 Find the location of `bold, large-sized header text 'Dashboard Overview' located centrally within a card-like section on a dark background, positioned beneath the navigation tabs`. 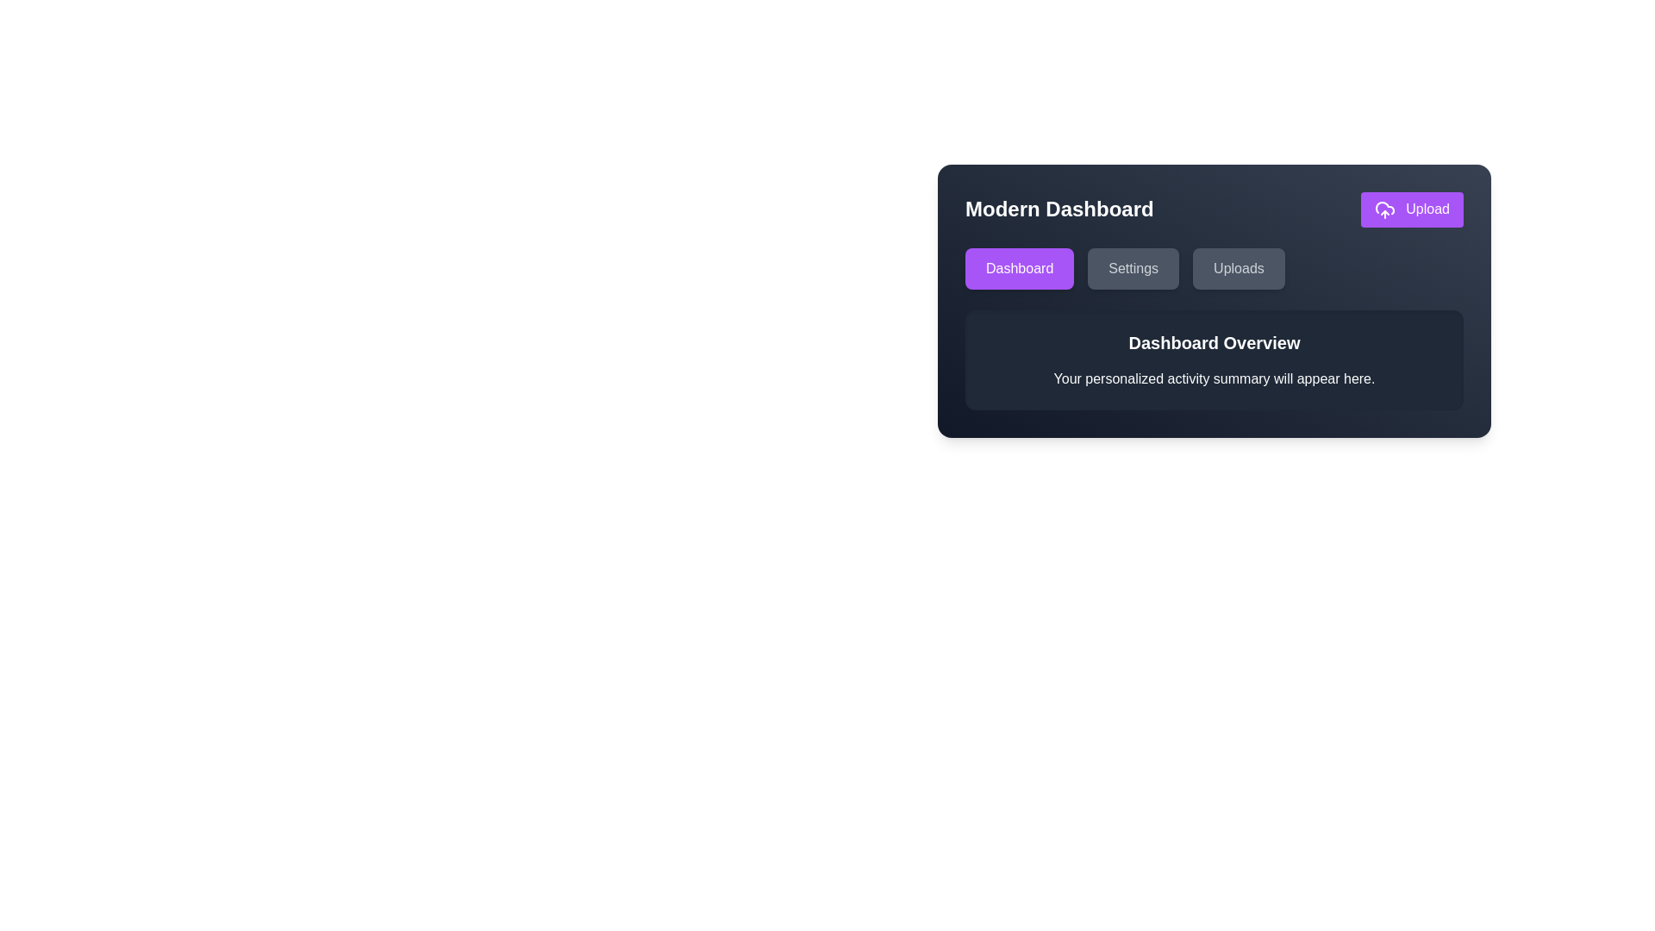

bold, large-sized header text 'Dashboard Overview' located centrally within a card-like section on a dark background, positioned beneath the navigation tabs is located at coordinates (1214, 342).